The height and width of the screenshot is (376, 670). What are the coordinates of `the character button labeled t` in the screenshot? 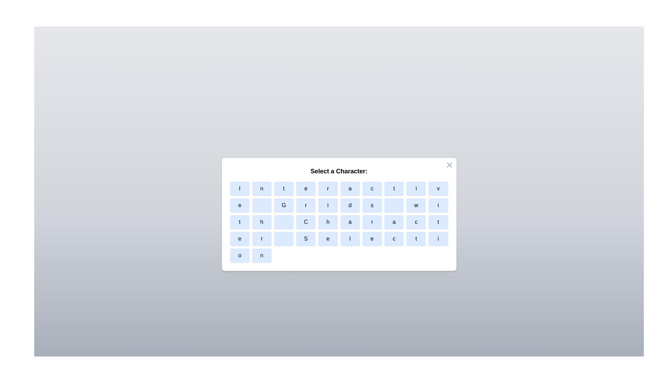 It's located at (284, 189).